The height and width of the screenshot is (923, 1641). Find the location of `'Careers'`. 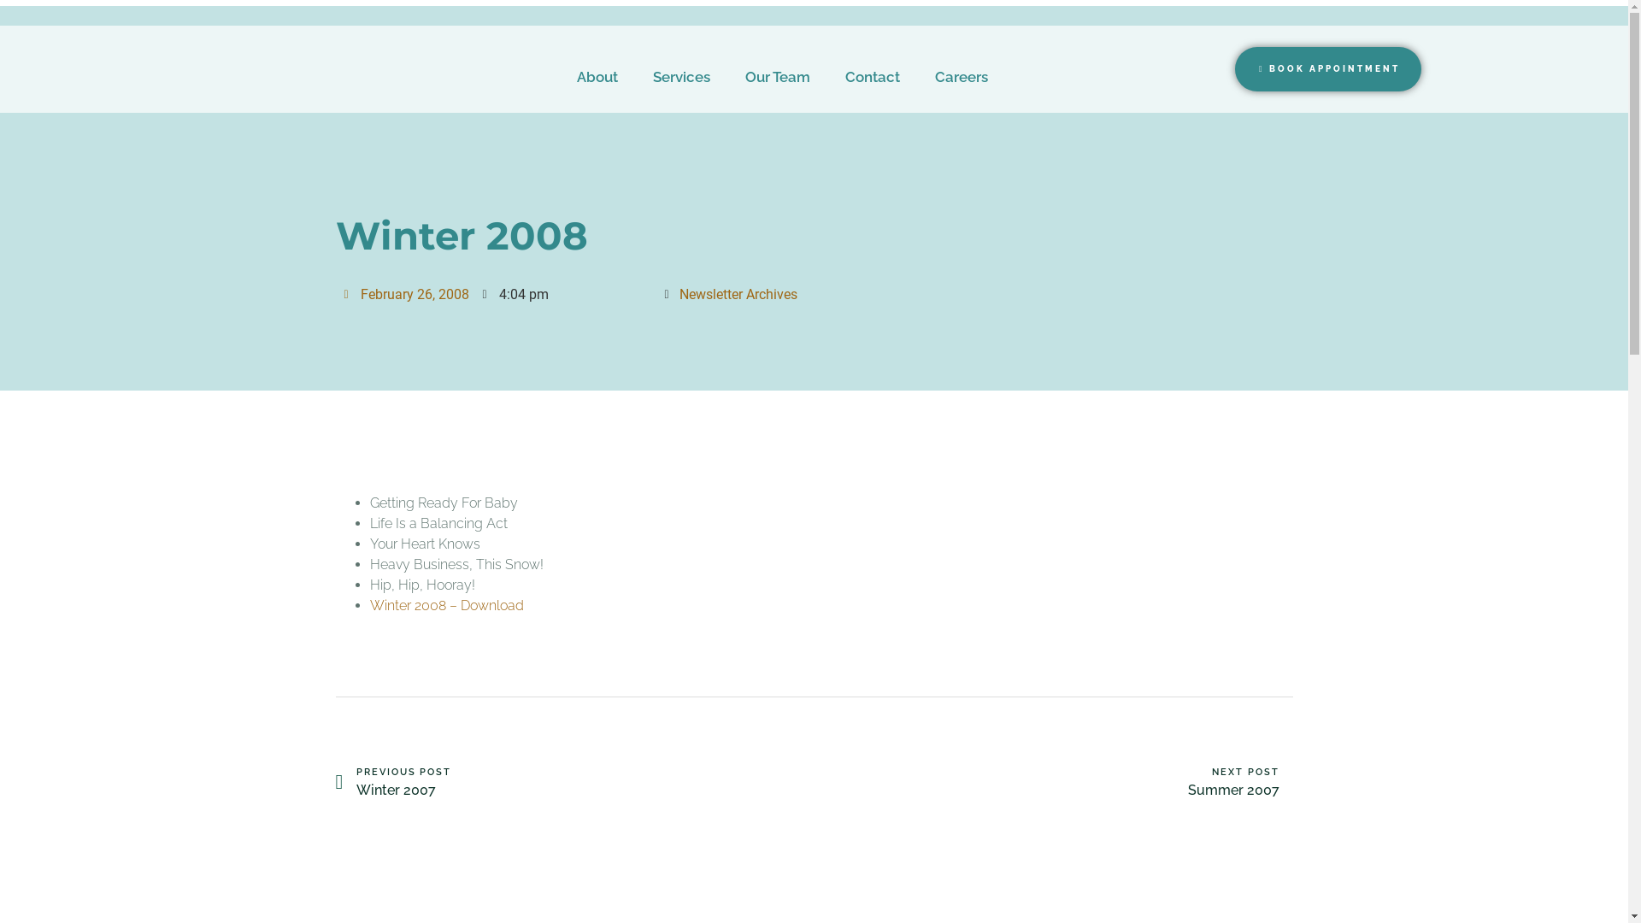

'Careers' is located at coordinates (961, 75).